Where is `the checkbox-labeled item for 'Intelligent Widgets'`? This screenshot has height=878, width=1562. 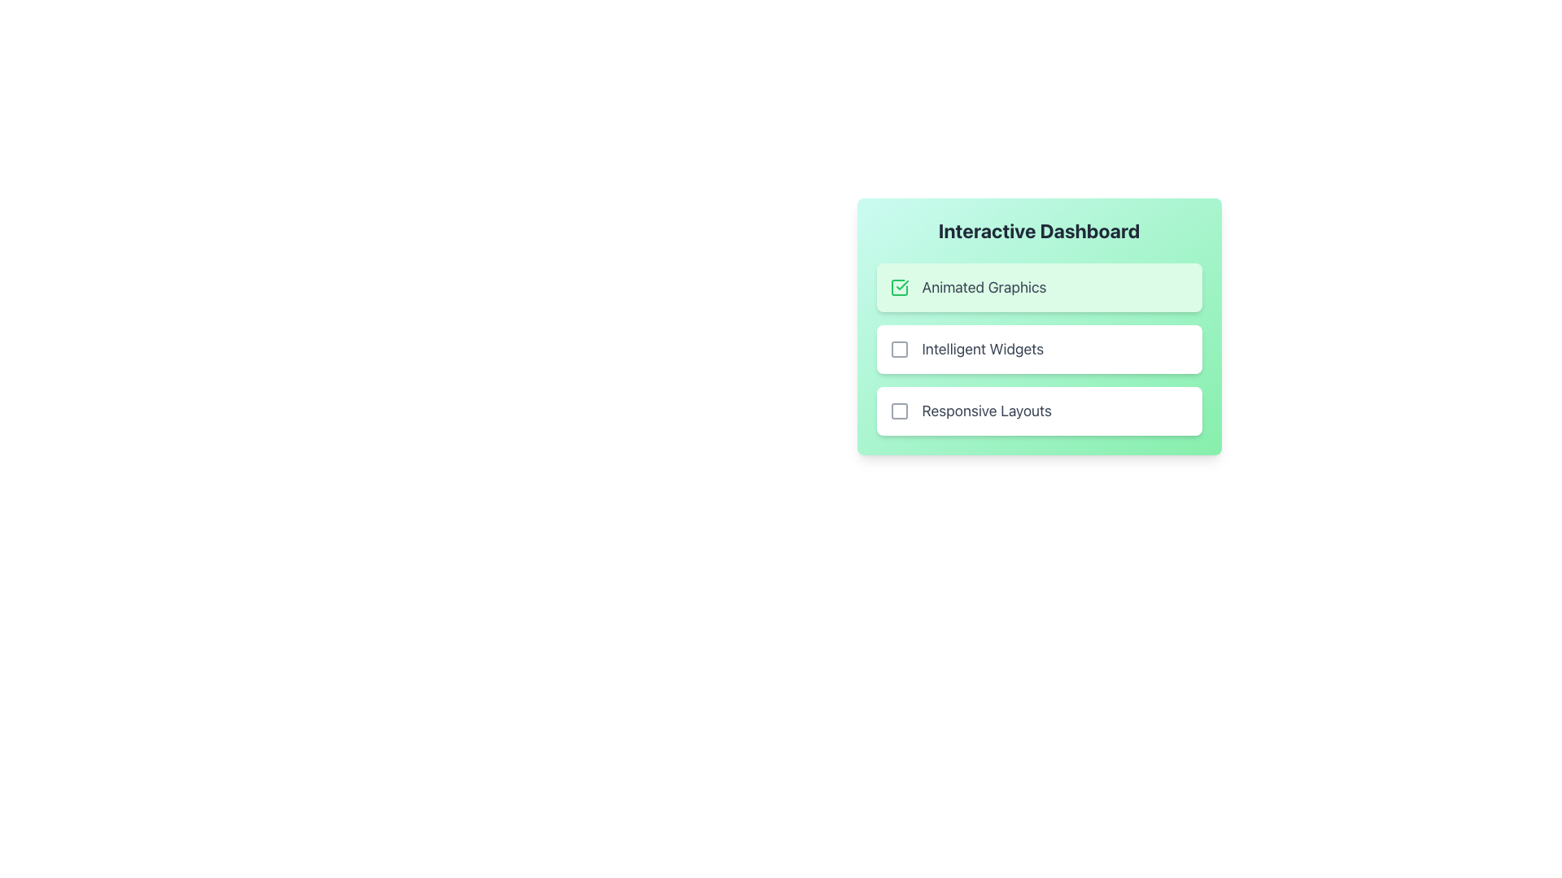
the checkbox-labeled item for 'Intelligent Widgets' is located at coordinates (1038, 348).